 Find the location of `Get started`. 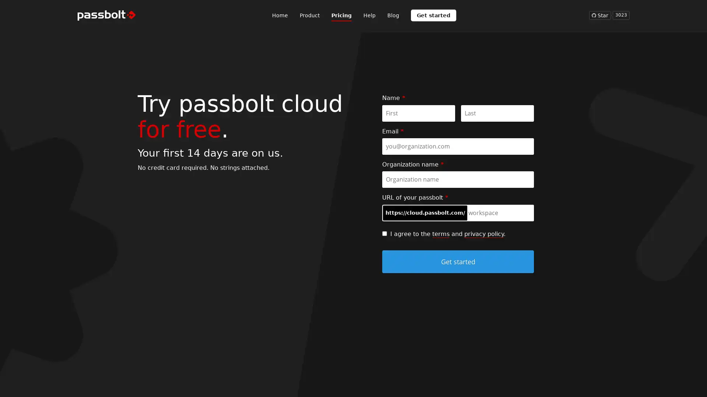

Get started is located at coordinates (457, 261).